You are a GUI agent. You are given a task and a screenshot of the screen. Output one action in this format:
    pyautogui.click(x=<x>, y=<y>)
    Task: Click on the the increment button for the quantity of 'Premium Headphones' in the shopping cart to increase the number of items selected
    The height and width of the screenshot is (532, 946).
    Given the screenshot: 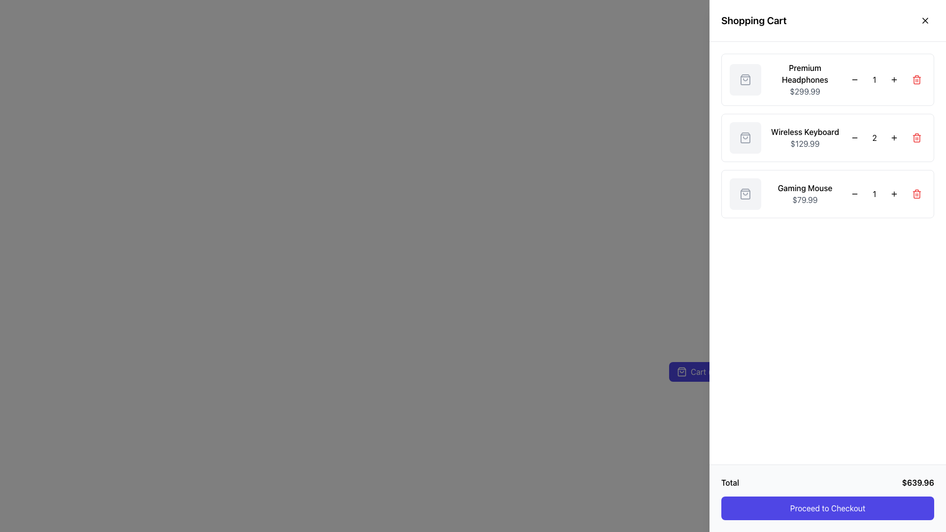 What is the action you would take?
    pyautogui.click(x=894, y=79)
    